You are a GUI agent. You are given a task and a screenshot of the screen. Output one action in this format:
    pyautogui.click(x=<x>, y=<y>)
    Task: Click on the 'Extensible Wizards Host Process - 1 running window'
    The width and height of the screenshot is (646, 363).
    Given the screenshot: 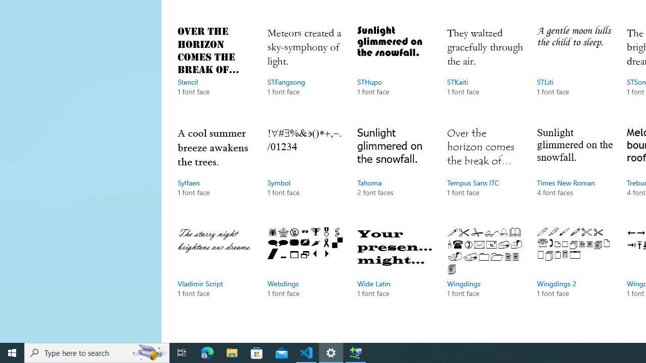 What is the action you would take?
    pyautogui.click(x=356, y=352)
    